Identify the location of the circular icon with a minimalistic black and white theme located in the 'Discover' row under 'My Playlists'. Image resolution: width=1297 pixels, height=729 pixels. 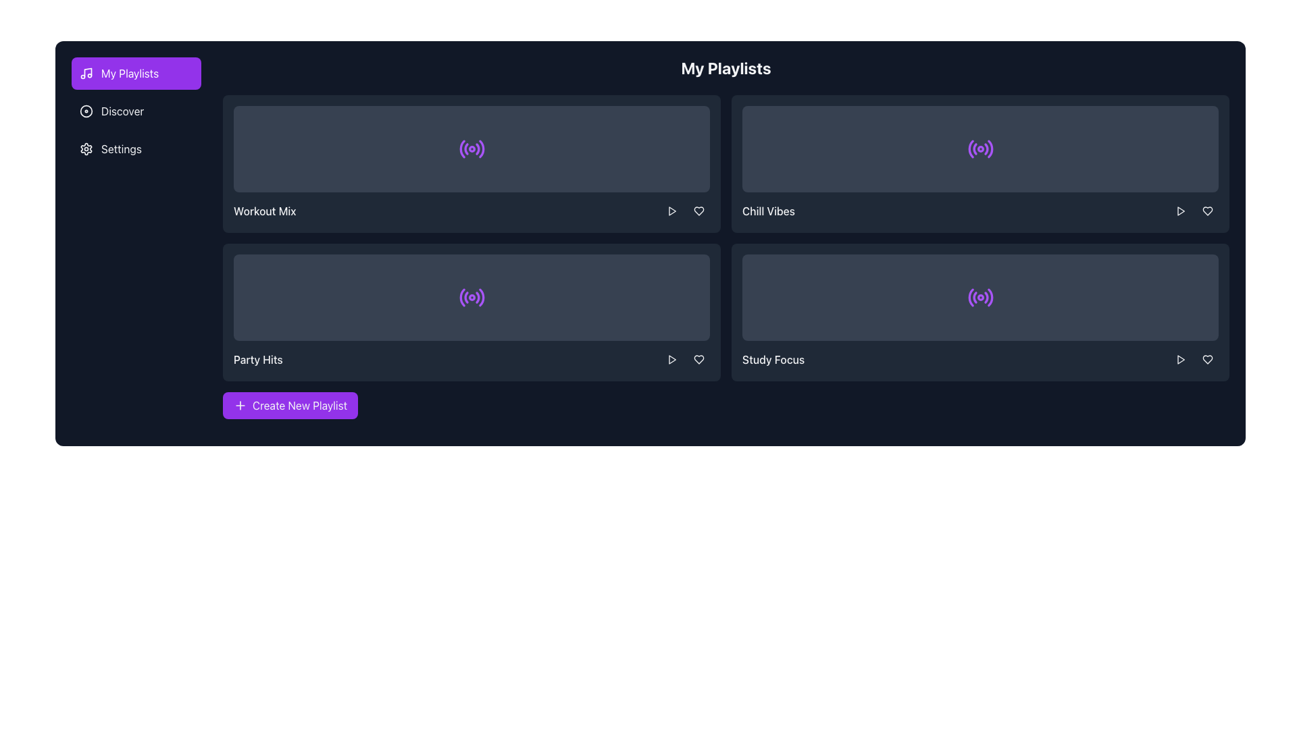
(86, 111).